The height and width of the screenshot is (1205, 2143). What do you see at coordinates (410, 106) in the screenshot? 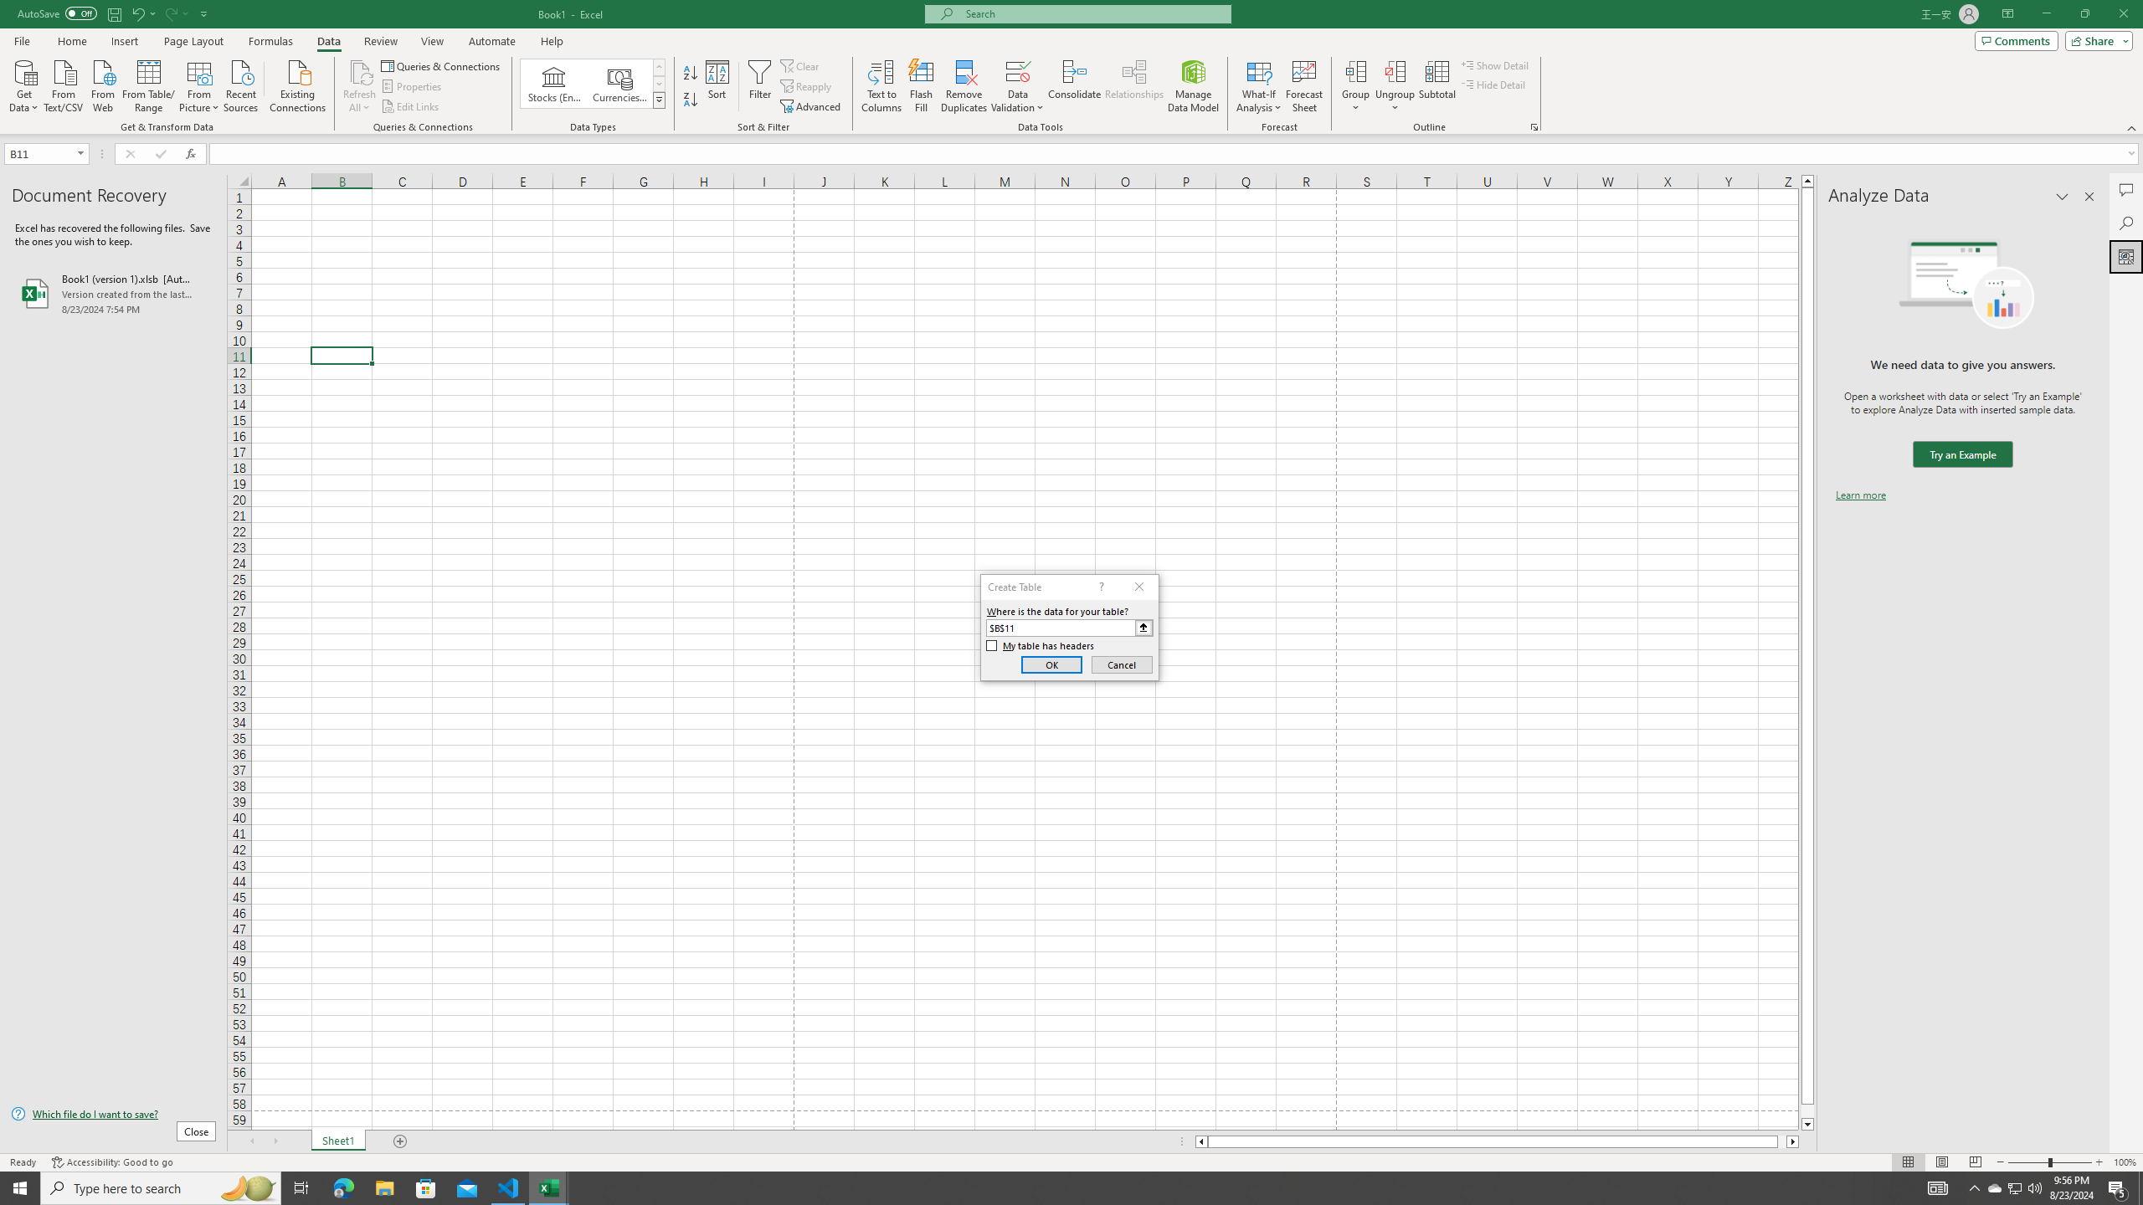
I see `'Edit Links'` at bounding box center [410, 106].